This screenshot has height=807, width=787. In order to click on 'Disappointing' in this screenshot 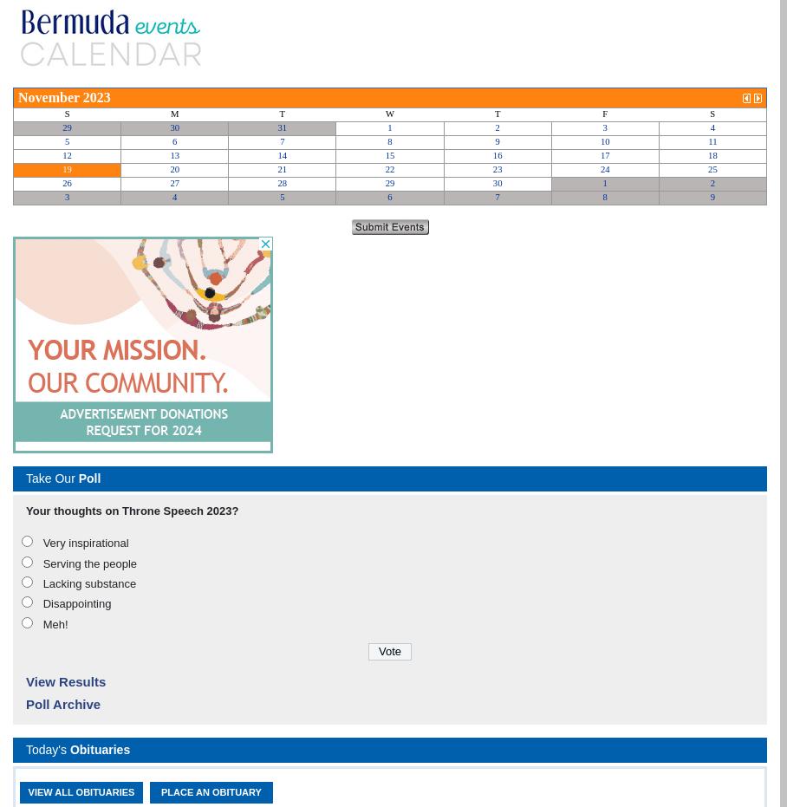, I will do `click(75, 602)`.